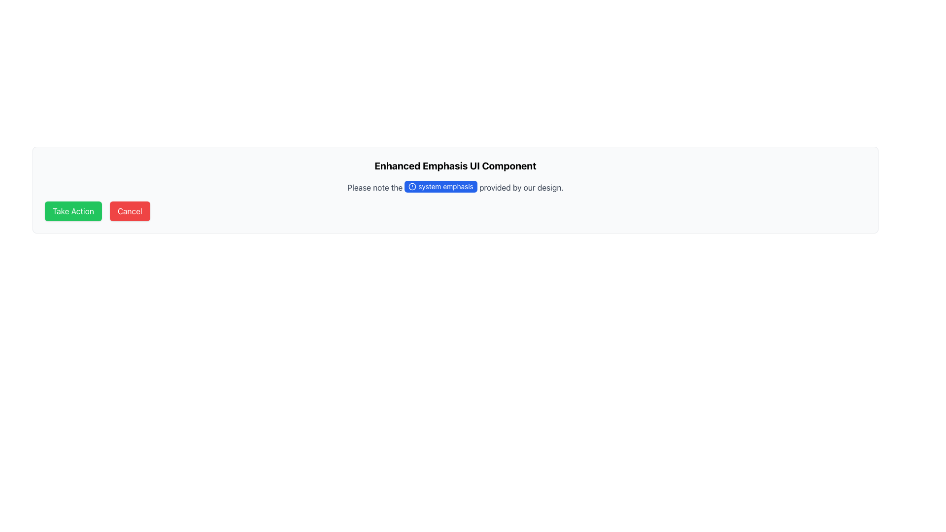  I want to click on emphasized text 'system emphasis' within the paragraph located in the 'Enhanced Emphasis UI Component', so click(455, 187).